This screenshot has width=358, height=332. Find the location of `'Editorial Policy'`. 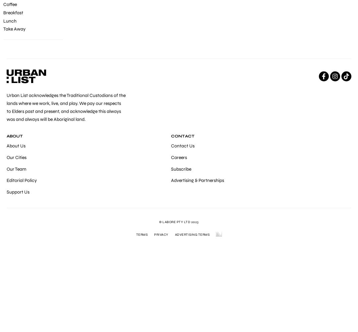

'Editorial Policy' is located at coordinates (21, 180).